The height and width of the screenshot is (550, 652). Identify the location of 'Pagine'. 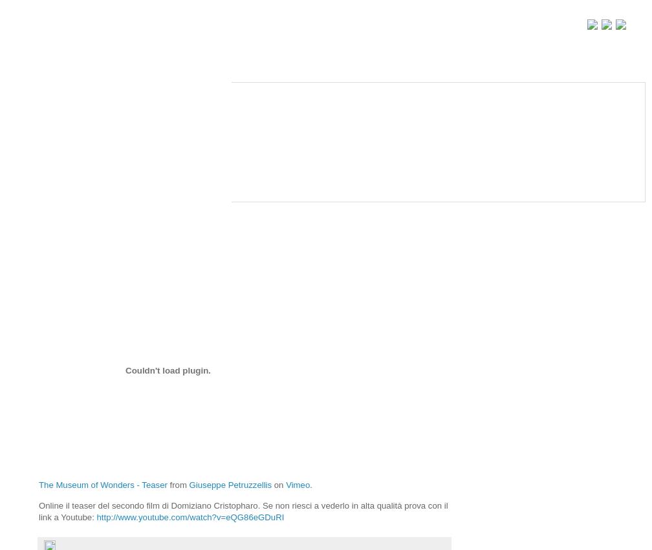
(43, 70).